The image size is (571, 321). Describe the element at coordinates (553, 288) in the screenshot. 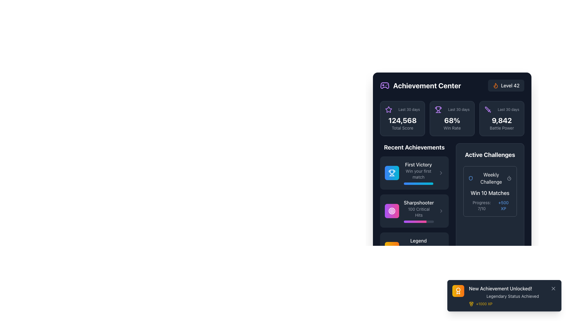

I see `the Close icon located in the right-hand corner of the notification` at that location.